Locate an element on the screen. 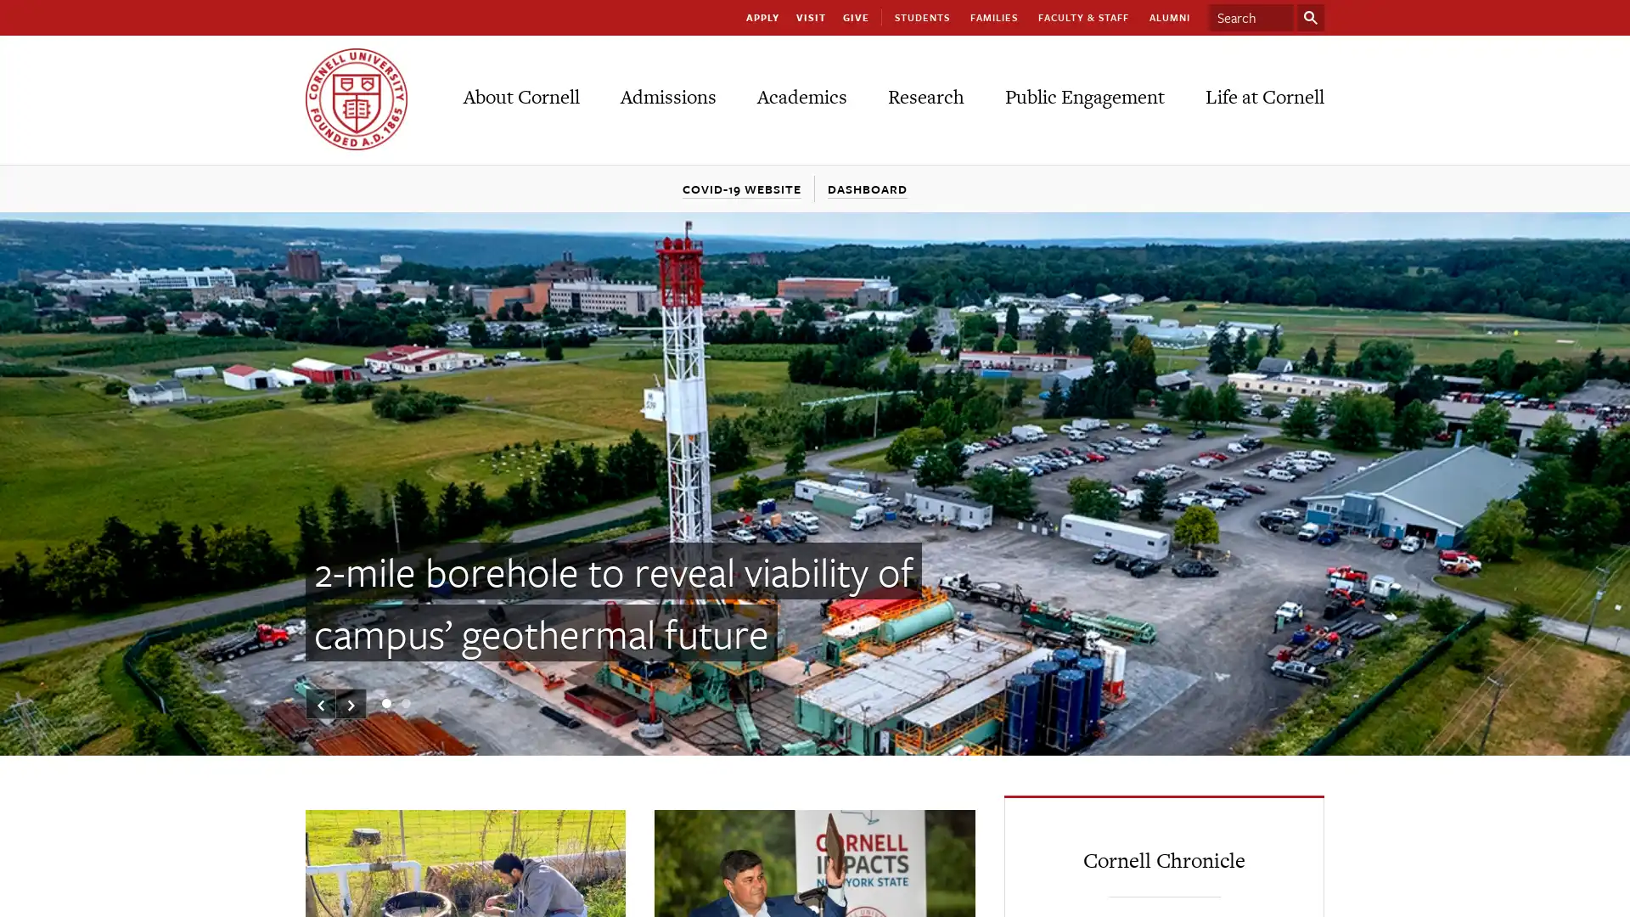  Previous slide is located at coordinates (321, 704).